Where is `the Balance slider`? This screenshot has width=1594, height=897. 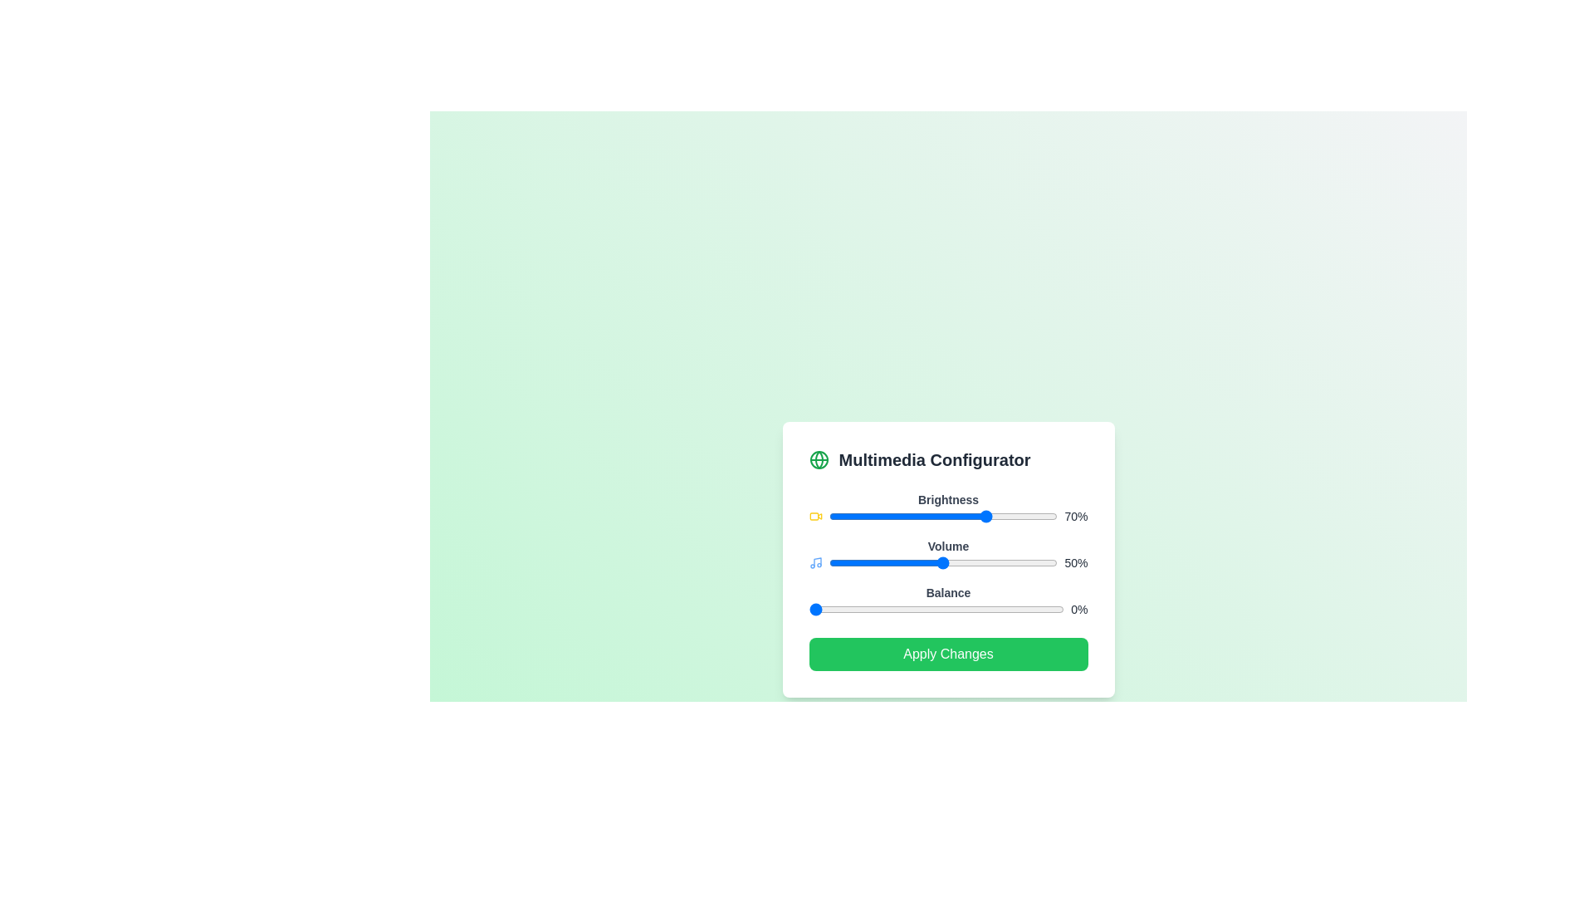 the Balance slider is located at coordinates (936, 609).